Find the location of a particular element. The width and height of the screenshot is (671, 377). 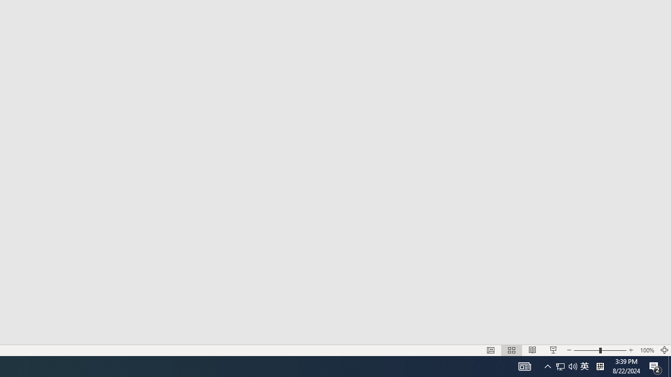

'Tray Input Indicator - Chinese (Simplified, China)' is located at coordinates (600, 365).